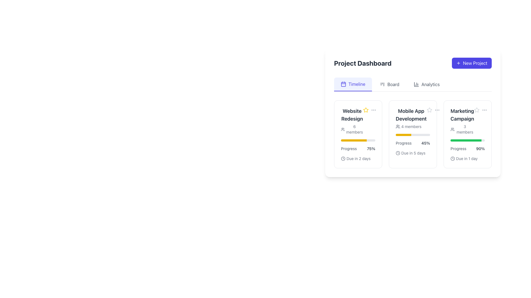 Image resolution: width=531 pixels, height=298 pixels. Describe the element at coordinates (484, 110) in the screenshot. I see `the Options menu icon located in the top-right corner of the 'Marketing Campaign' card` at that location.